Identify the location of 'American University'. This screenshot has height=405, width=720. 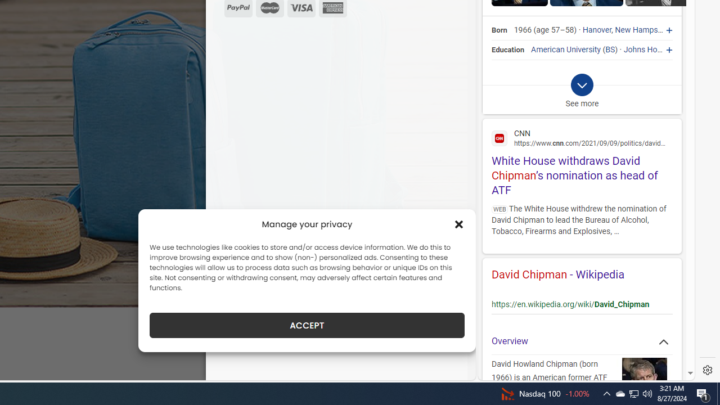
(566, 49).